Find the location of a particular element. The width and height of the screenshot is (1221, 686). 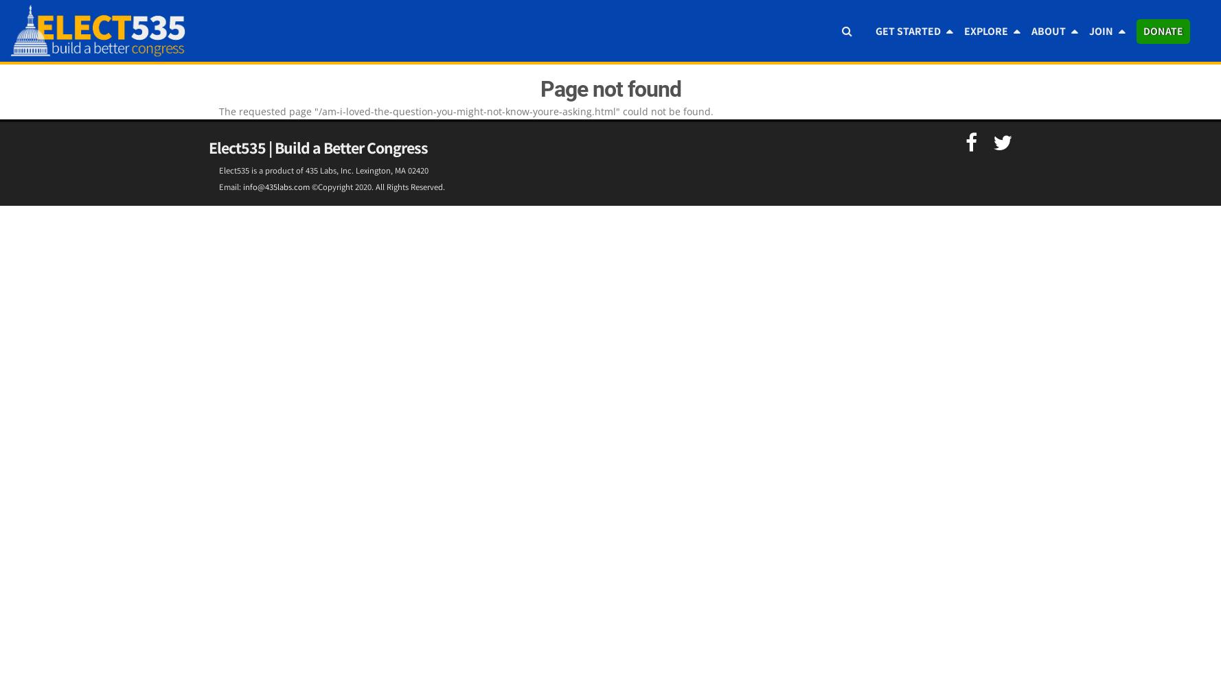

'Elect535 is a product of 435 Labs, Inc. Lexington, MA 02420' is located at coordinates (323, 169).